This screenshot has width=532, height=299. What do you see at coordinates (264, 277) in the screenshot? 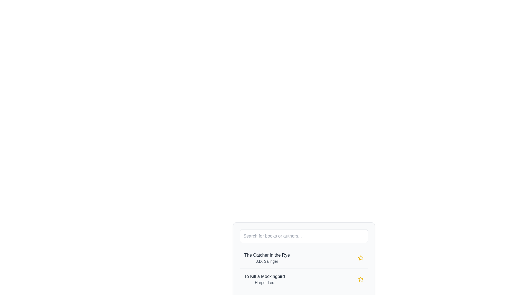
I see `the text label displaying 'To Kill a Mockingbird', which is styled with a medium font weight and gray color, located above the author's name 'Harper Lee' in a list of book titles` at bounding box center [264, 277].